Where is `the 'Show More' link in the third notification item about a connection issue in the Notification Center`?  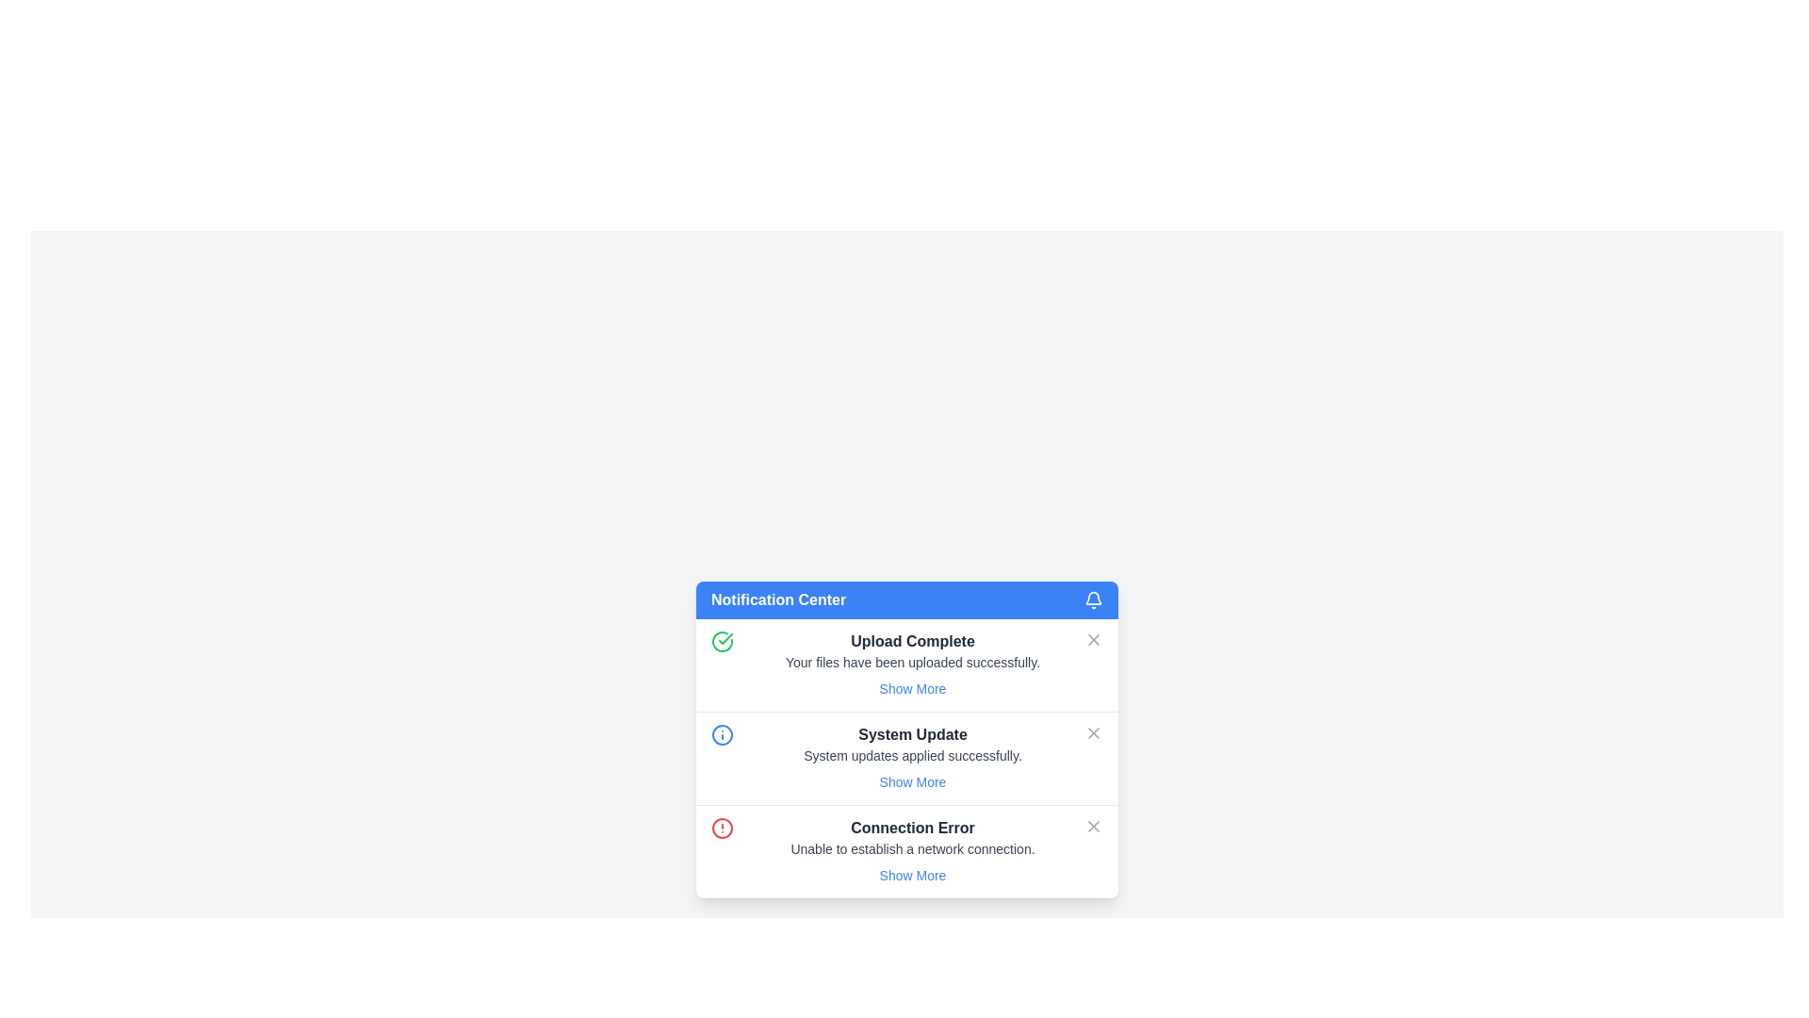
the 'Show More' link in the third notification item about a connection issue in the Notification Center is located at coordinates (913, 851).